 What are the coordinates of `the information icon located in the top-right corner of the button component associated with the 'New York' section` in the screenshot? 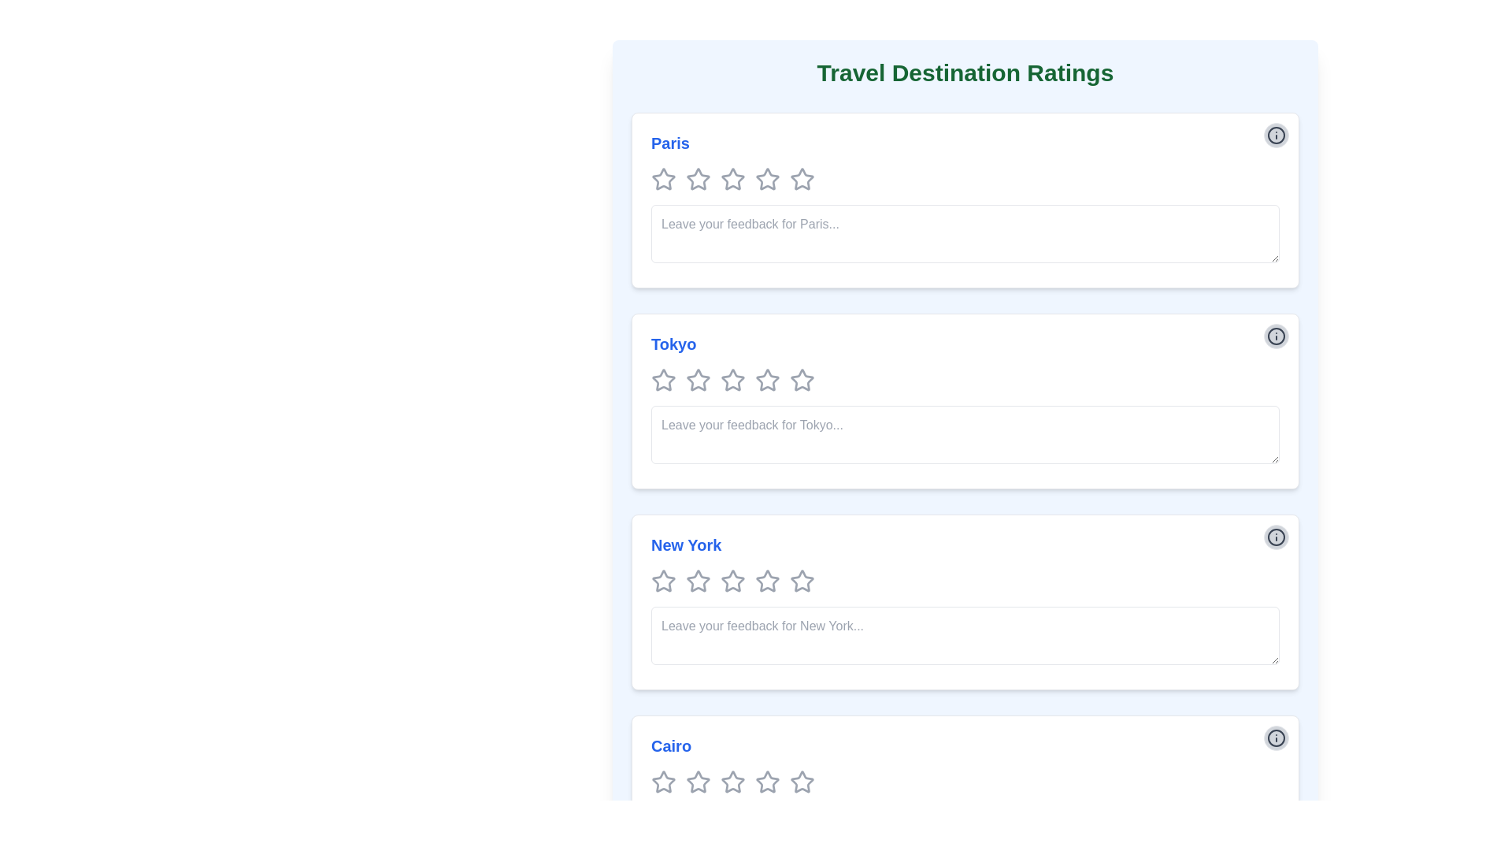 It's located at (1277, 537).